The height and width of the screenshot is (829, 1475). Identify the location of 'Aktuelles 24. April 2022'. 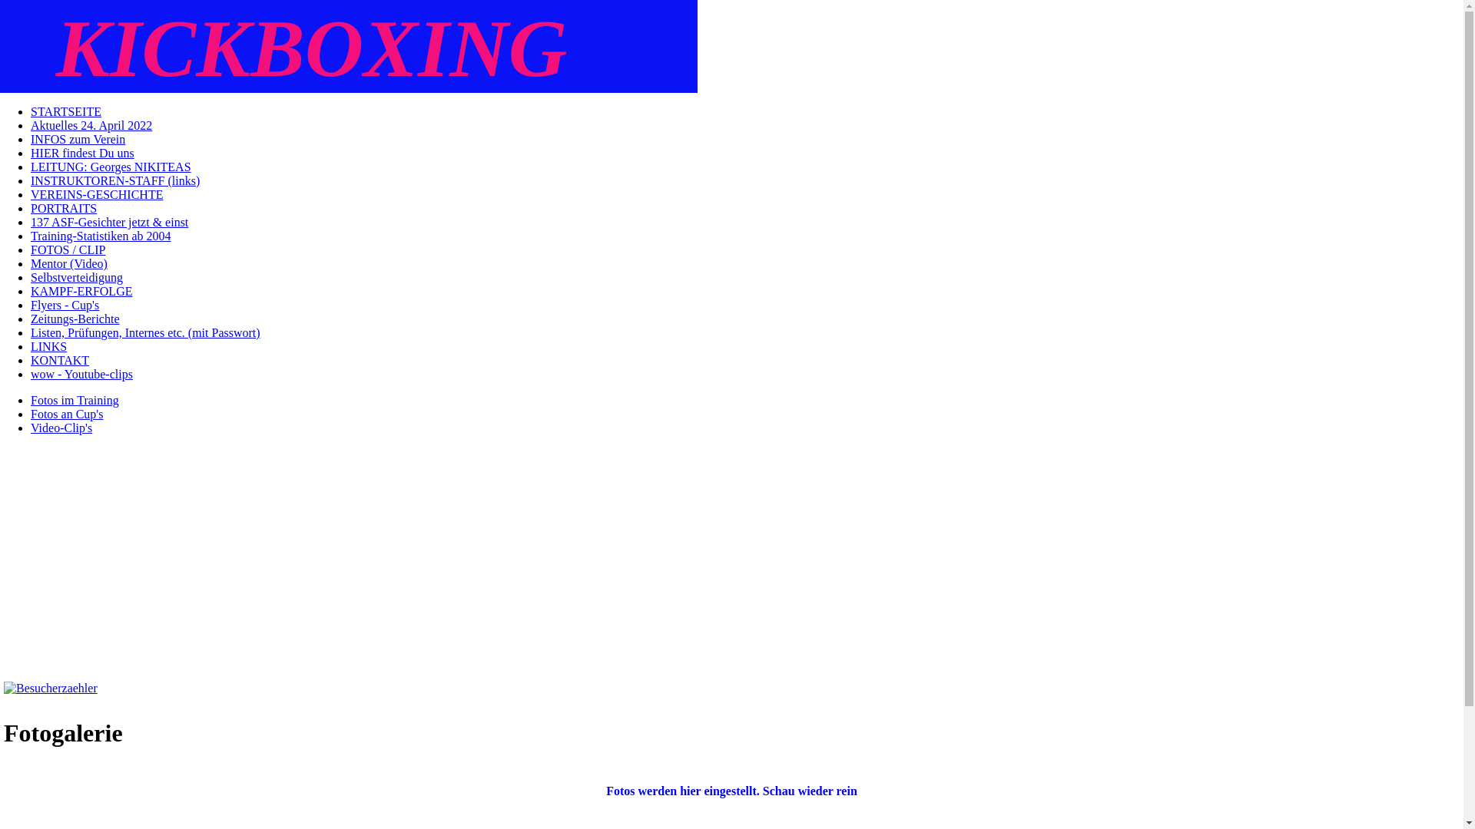
(91, 124).